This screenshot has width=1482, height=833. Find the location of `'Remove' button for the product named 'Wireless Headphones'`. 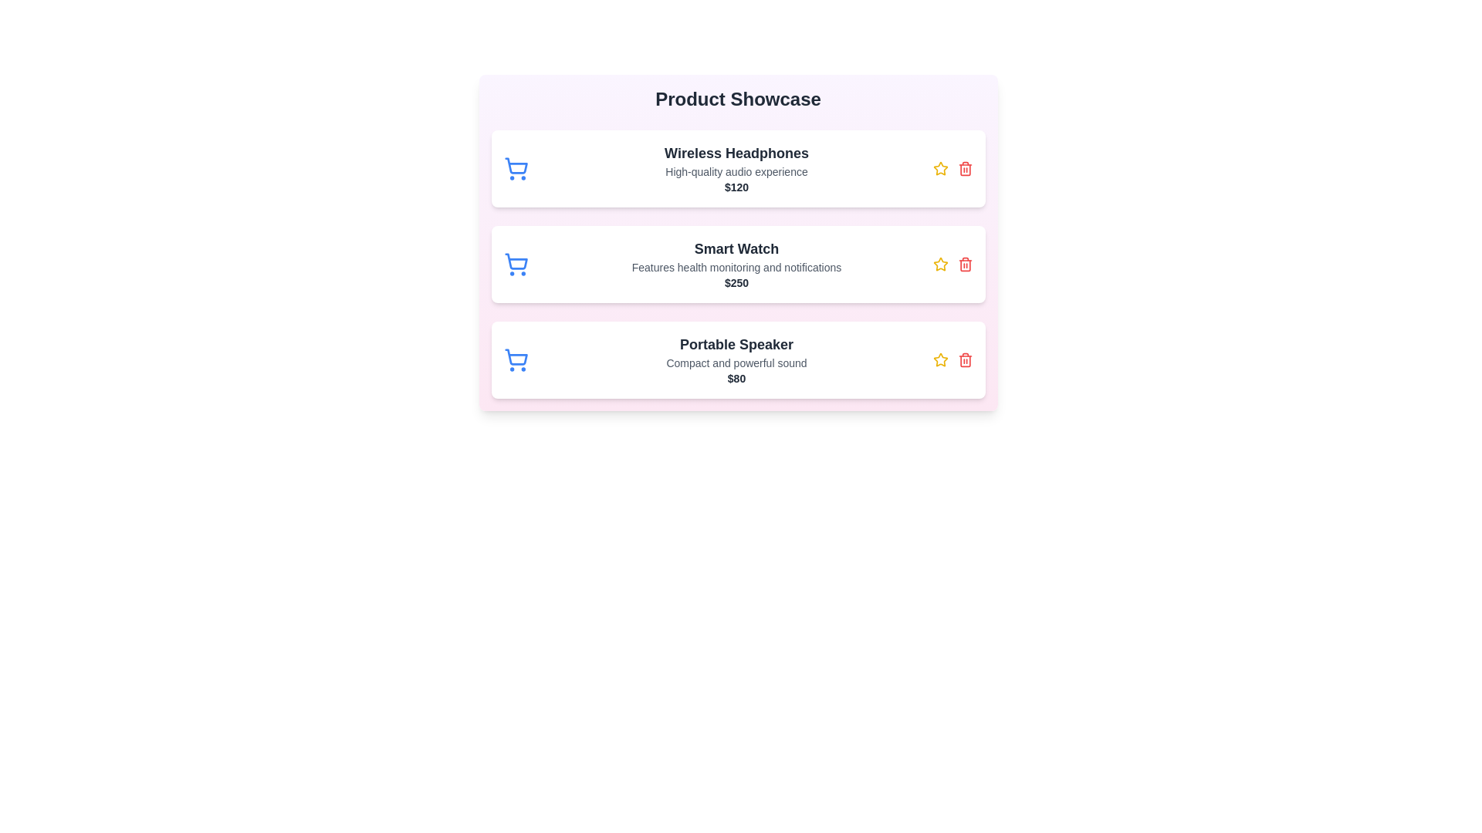

'Remove' button for the product named 'Wireless Headphones' is located at coordinates (964, 169).